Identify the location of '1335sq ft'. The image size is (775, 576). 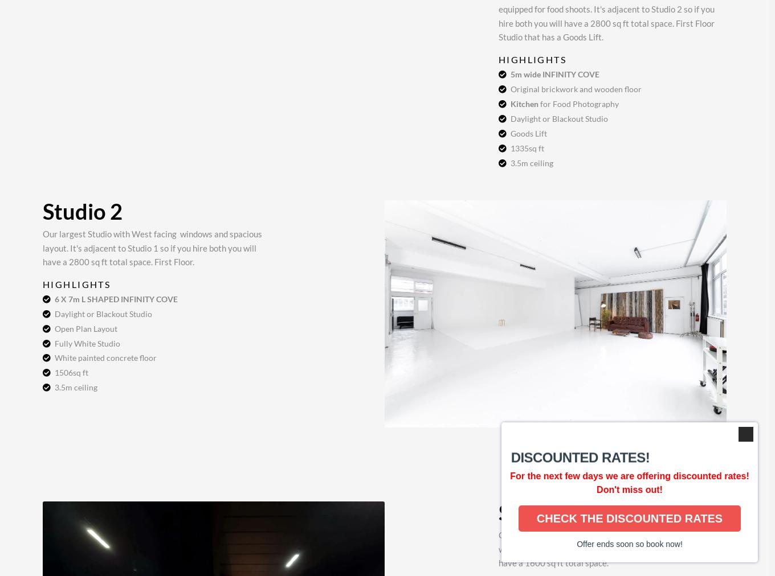
(527, 147).